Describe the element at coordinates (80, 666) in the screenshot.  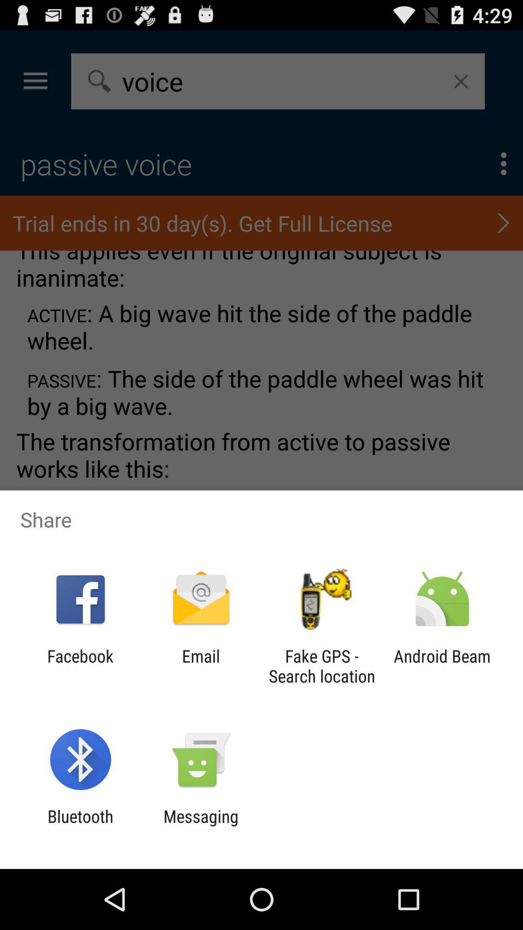
I see `facebook icon` at that location.